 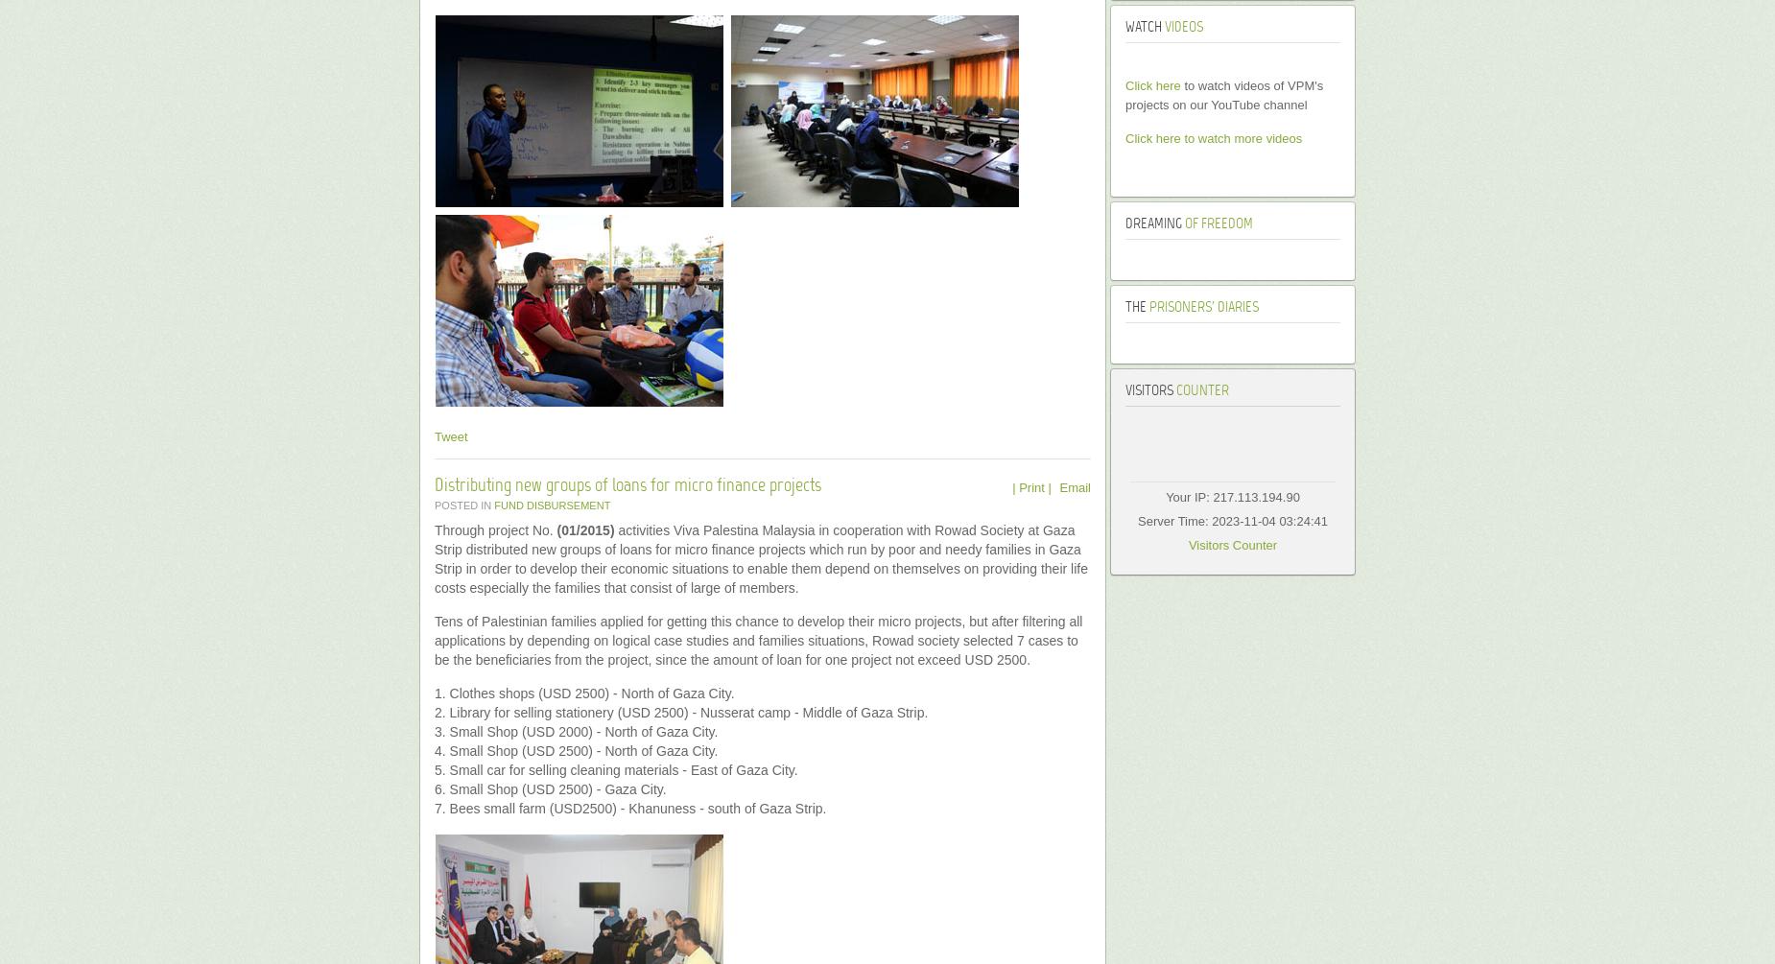 I want to click on 'Fund Disbursement', so click(x=552, y=505).